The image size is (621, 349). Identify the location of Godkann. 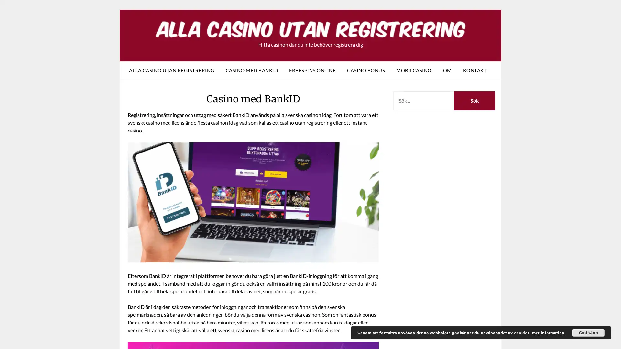
(588, 333).